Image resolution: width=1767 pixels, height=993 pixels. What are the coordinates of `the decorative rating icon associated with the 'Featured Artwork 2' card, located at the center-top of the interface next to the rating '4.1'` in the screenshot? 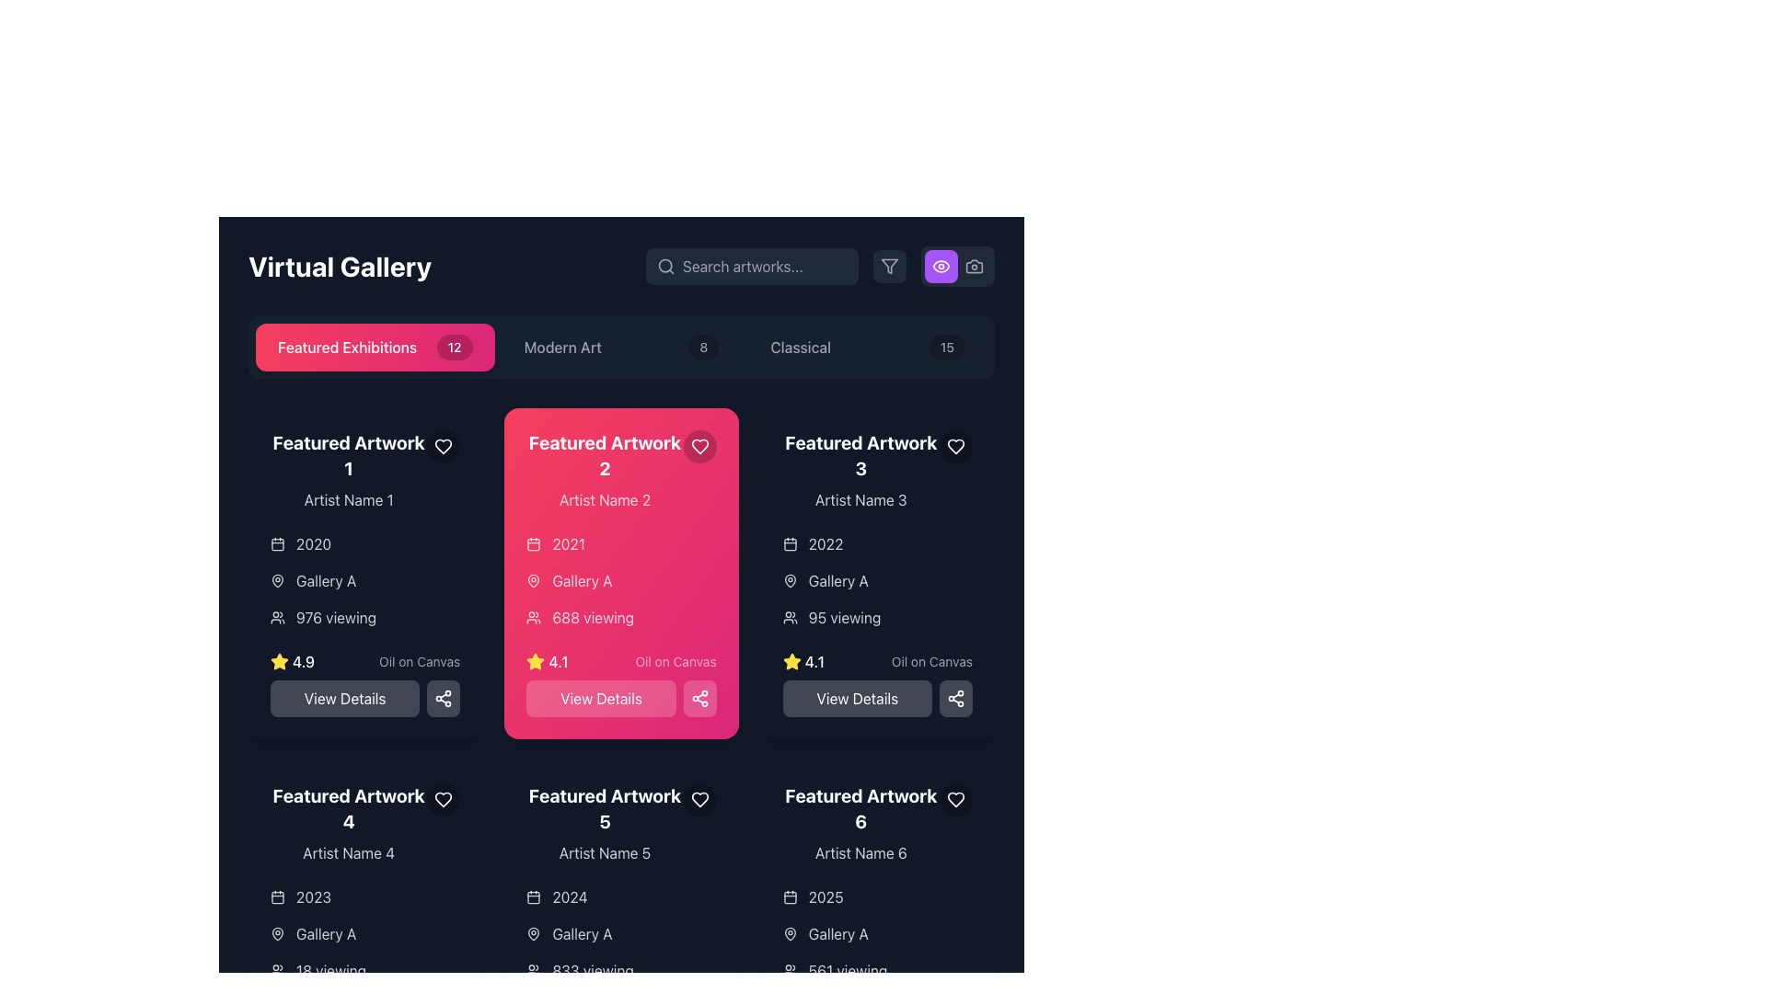 It's located at (278, 660).